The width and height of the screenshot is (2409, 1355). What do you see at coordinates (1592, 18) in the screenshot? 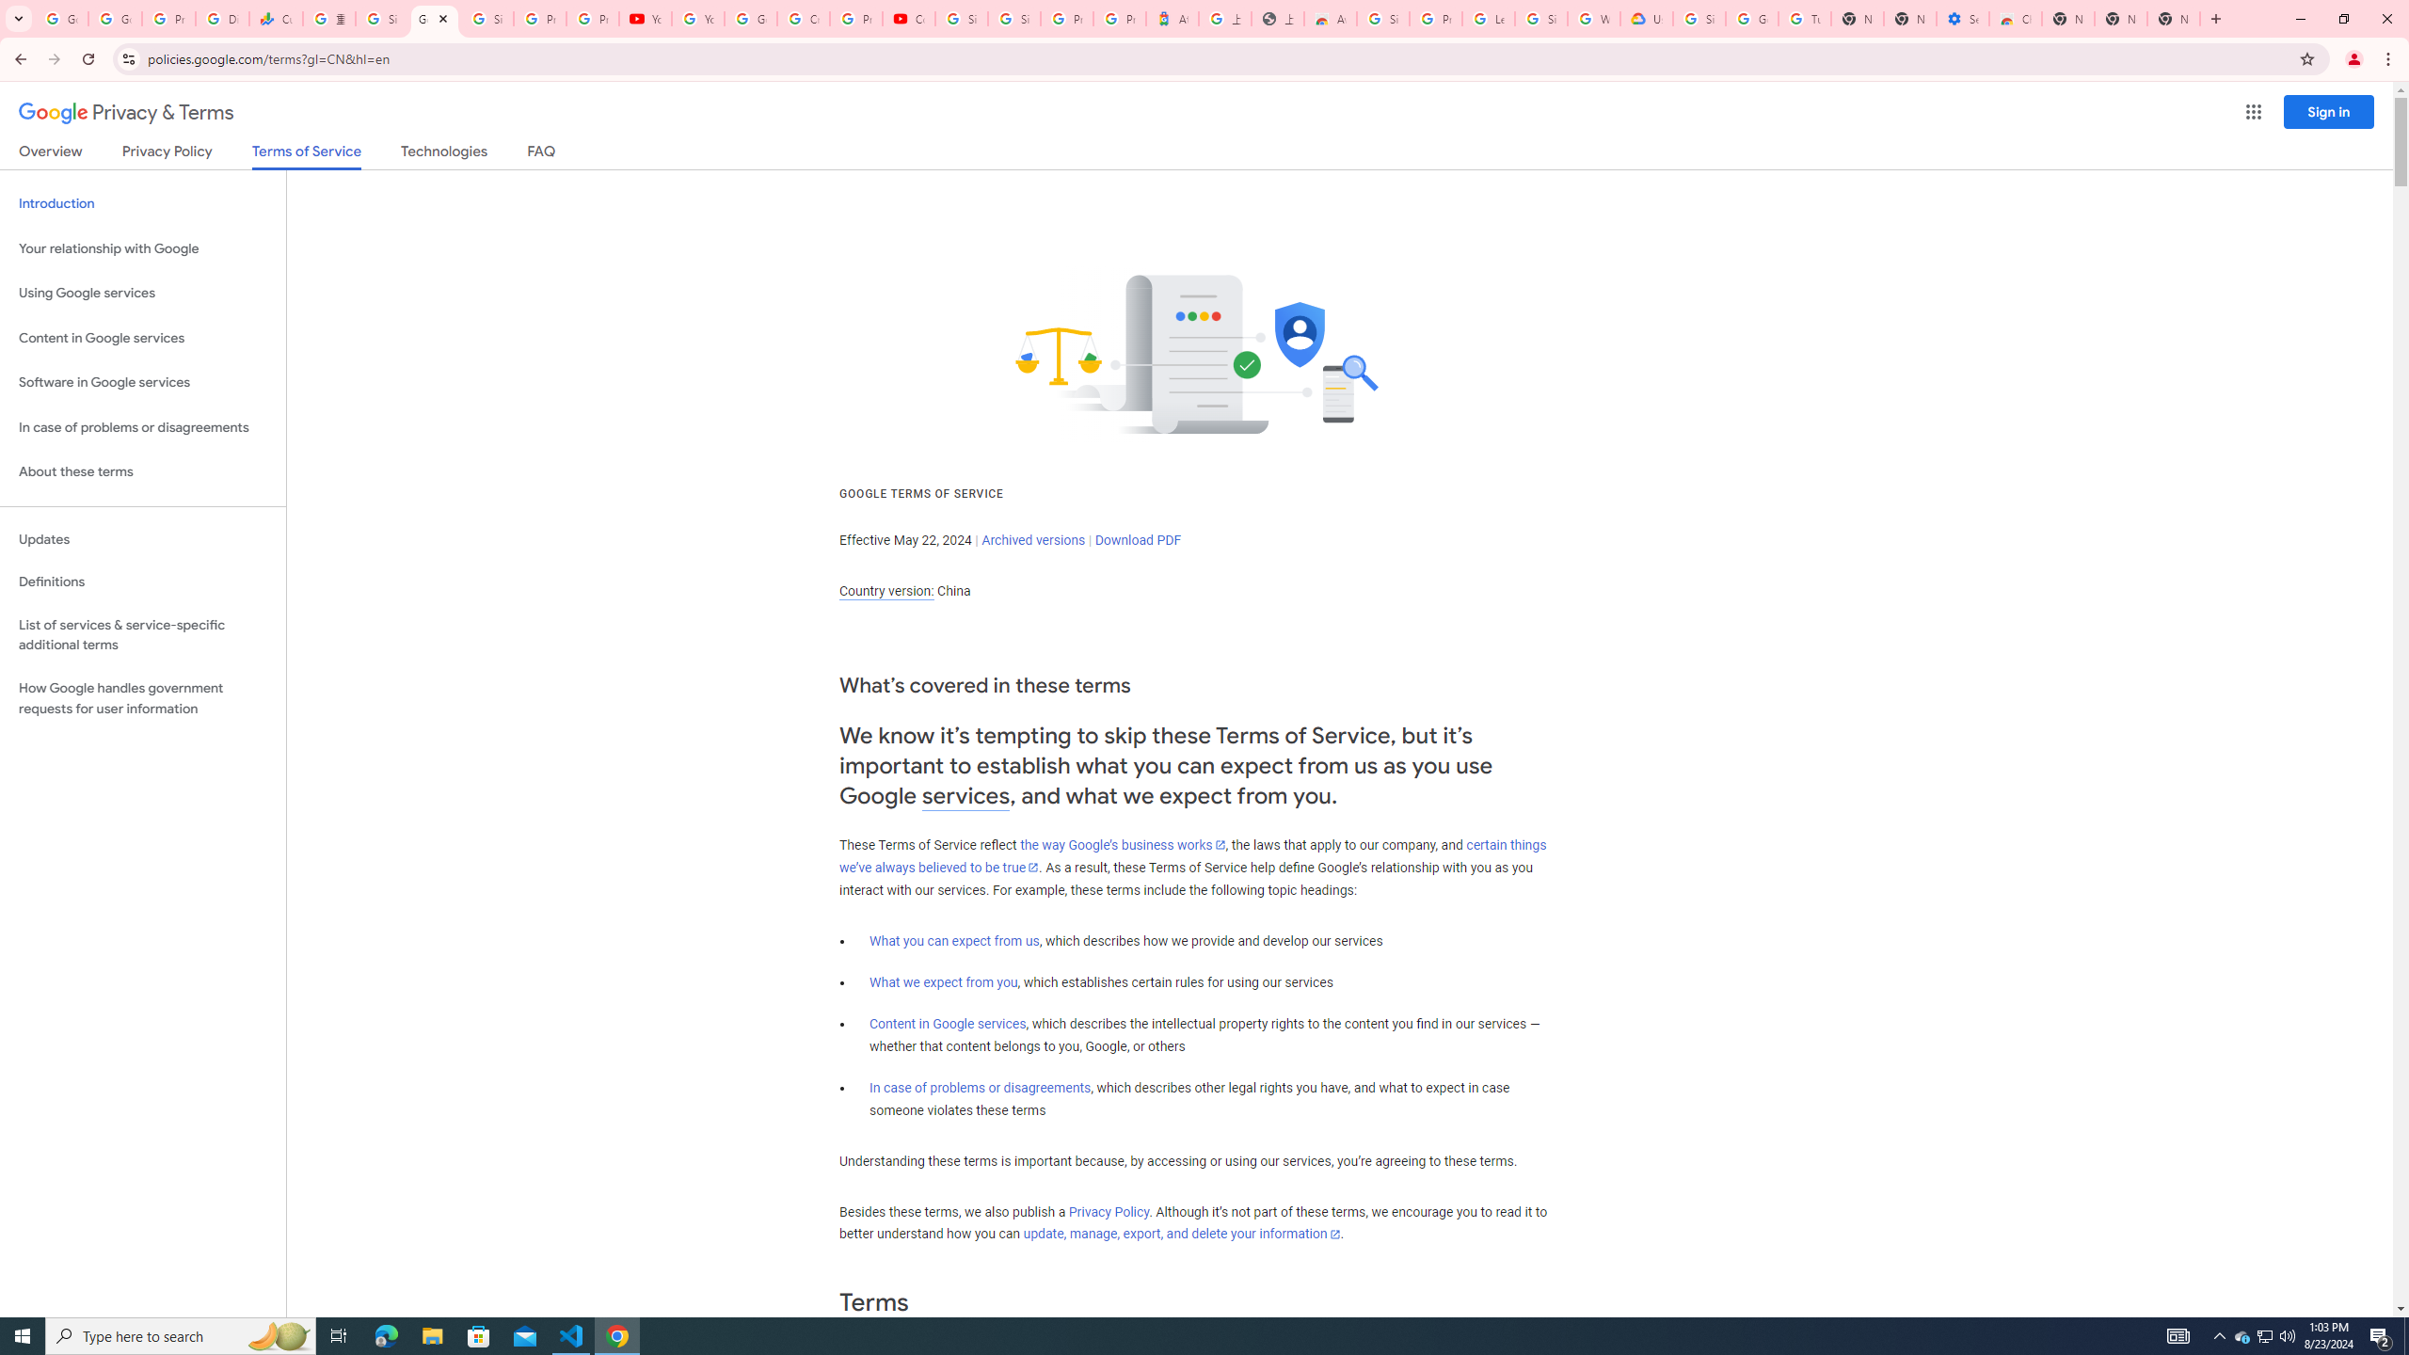
I see `'Who are Google'` at bounding box center [1592, 18].